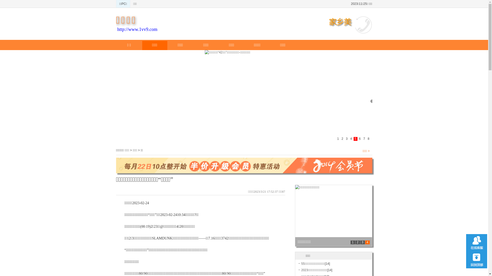 The height and width of the screenshot is (276, 492). Describe the element at coordinates (137, 29) in the screenshot. I see `'http://www.1vv9.com'` at that location.